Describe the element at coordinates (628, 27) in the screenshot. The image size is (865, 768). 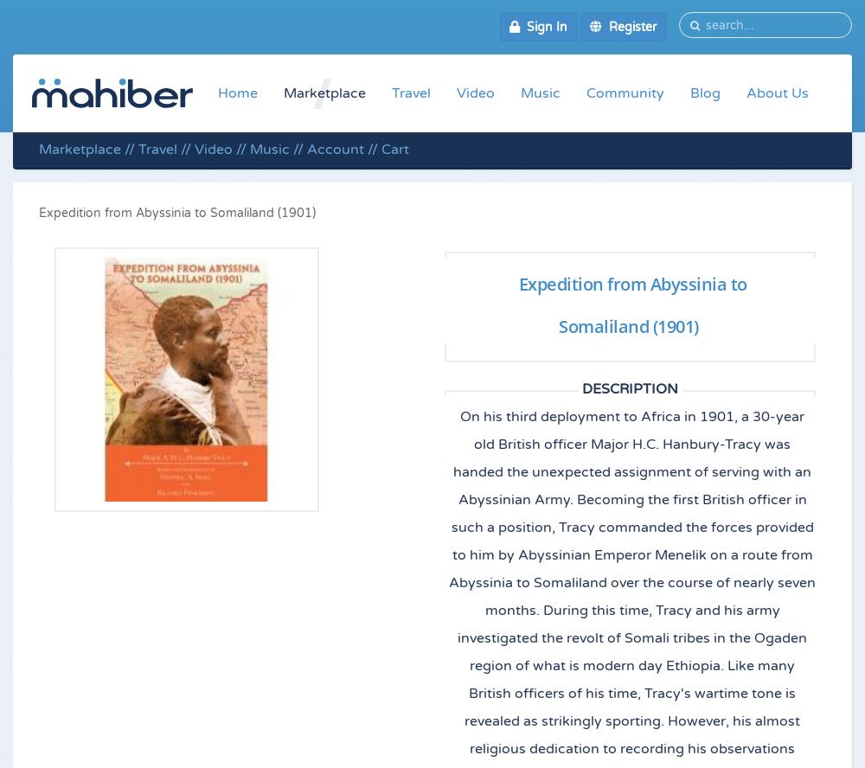
I see `'Register'` at that location.